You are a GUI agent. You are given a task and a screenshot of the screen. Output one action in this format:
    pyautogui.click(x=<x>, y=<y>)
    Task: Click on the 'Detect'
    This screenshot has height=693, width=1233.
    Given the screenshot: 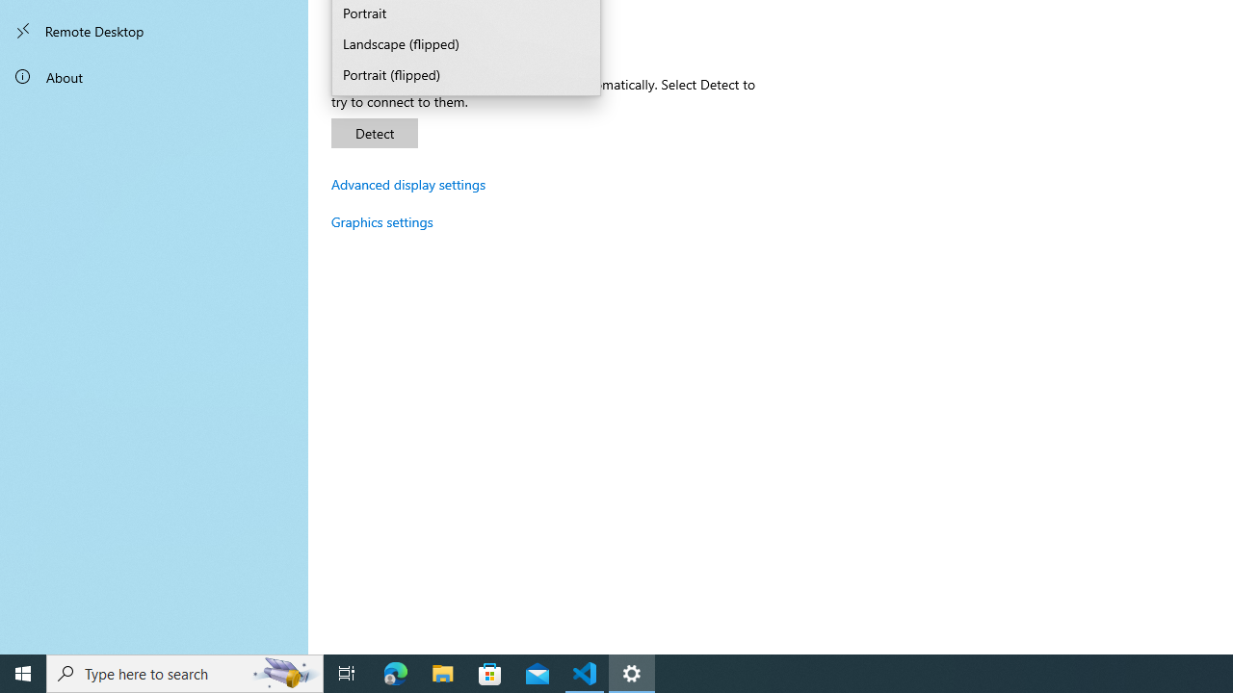 What is the action you would take?
    pyautogui.click(x=375, y=132)
    